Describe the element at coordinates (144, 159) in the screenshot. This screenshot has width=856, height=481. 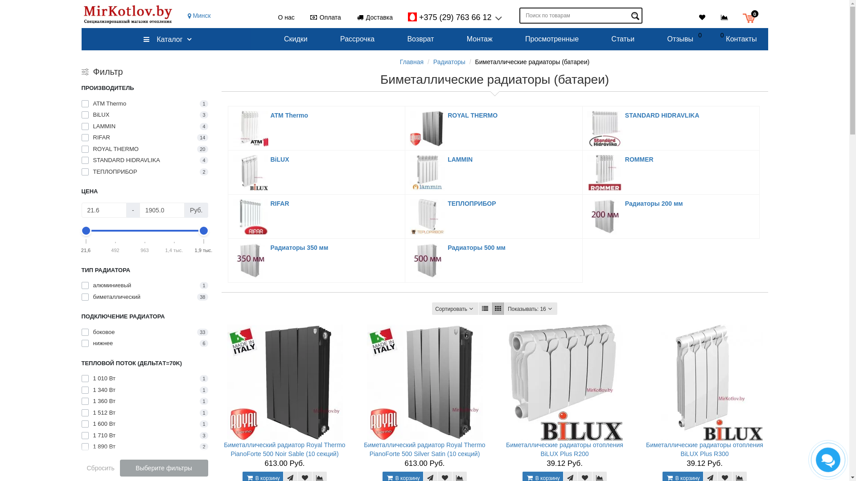
I see `'STANDARD HIDRAVLIKA` at that location.